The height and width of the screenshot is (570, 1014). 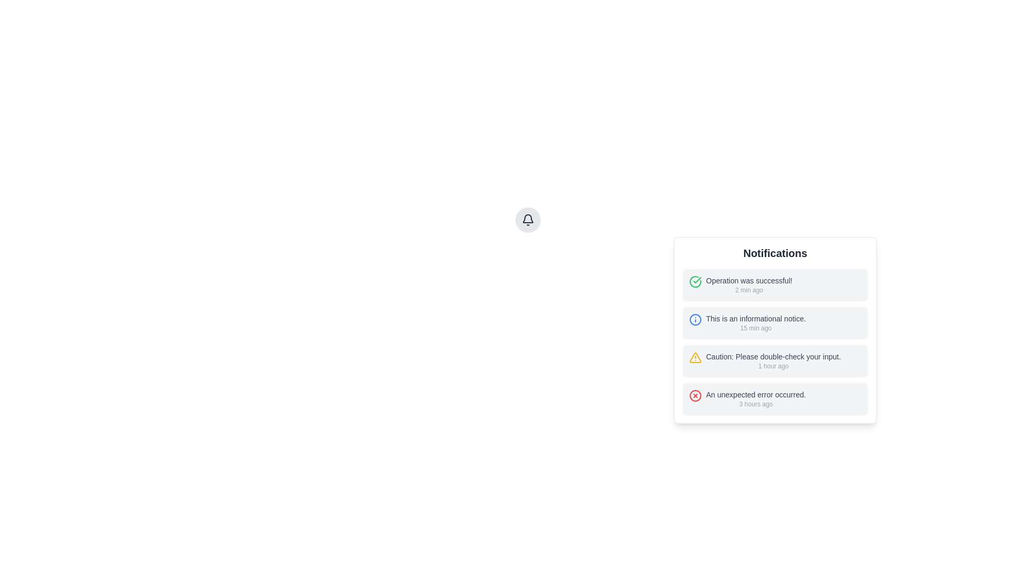 I want to click on the circular button with a bell icon, so click(x=528, y=219).